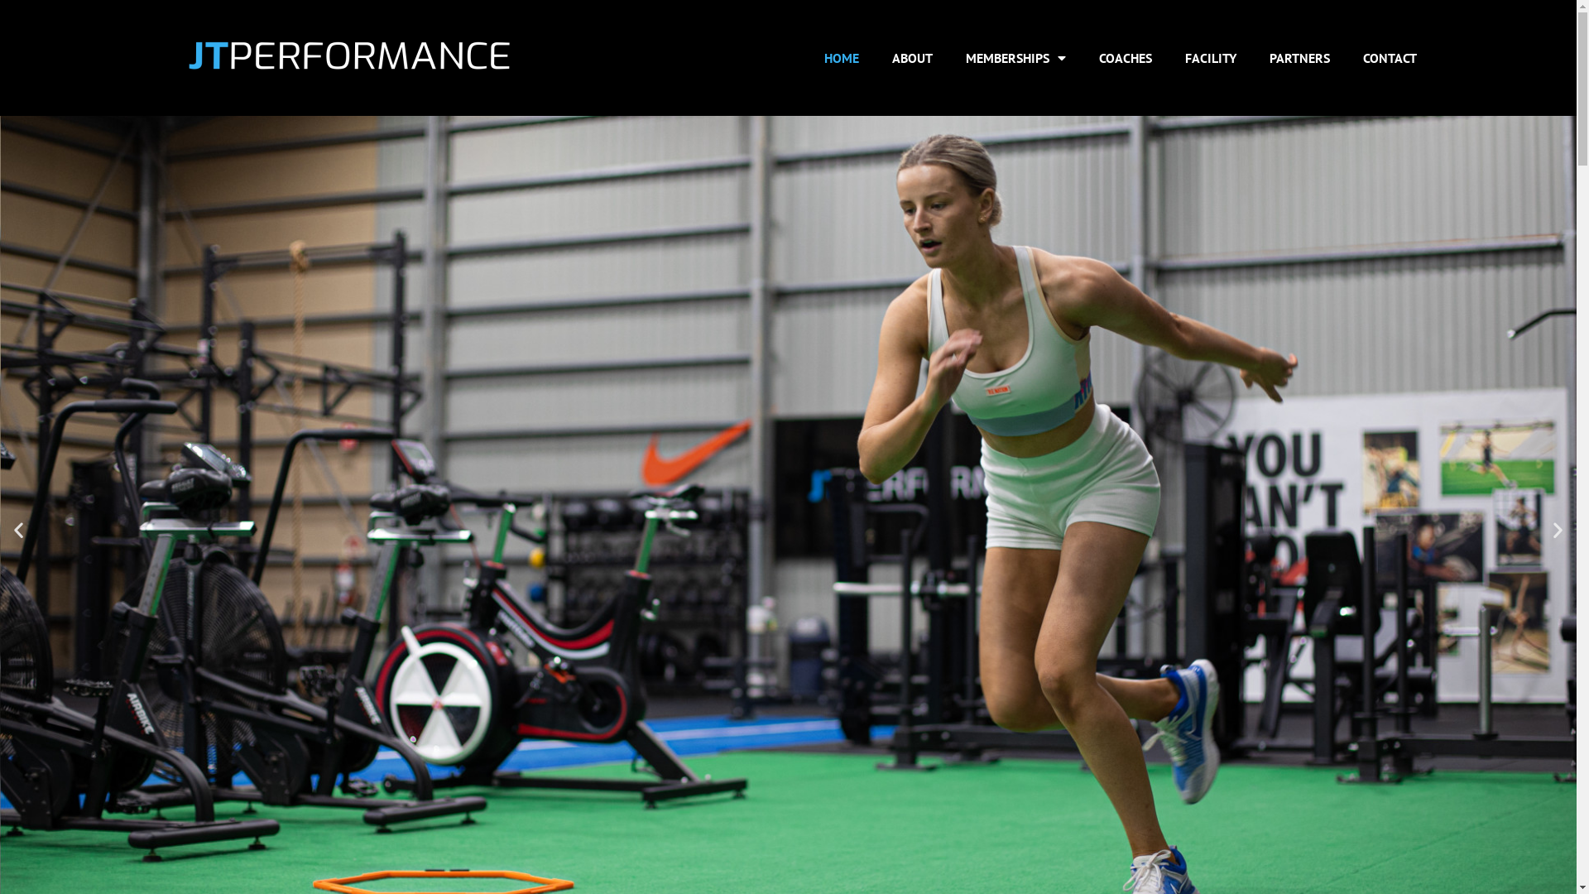 Image resolution: width=1589 pixels, height=894 pixels. What do you see at coordinates (1299, 56) in the screenshot?
I see `'PARTNERS'` at bounding box center [1299, 56].